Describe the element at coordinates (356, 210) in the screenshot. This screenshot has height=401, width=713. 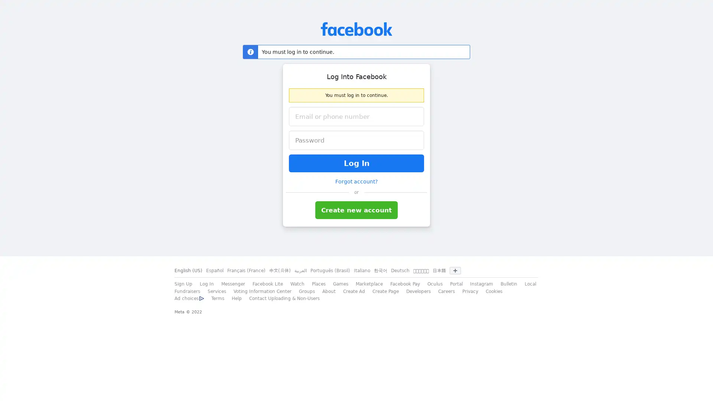
I see `Create new account` at that location.